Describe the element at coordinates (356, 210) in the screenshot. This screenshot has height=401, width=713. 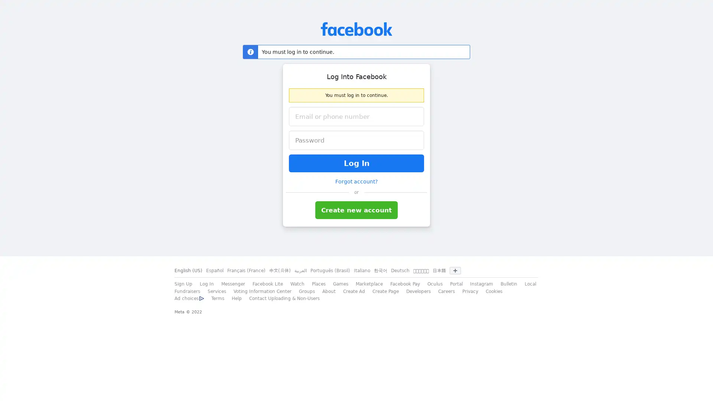
I see `Create new account` at that location.